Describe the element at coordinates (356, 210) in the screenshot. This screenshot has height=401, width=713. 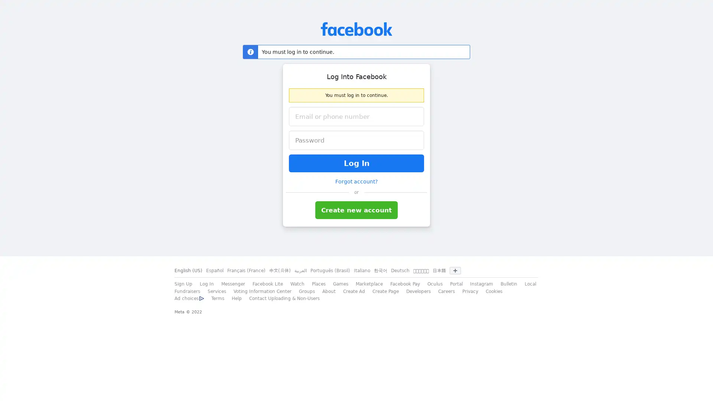
I see `Create new account` at that location.